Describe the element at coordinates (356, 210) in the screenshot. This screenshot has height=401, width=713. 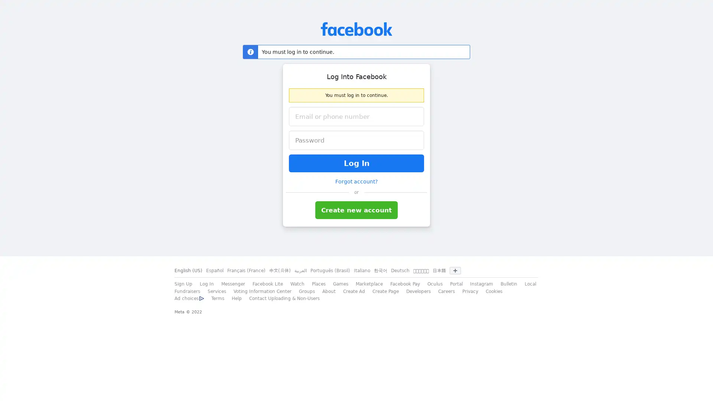
I see `Create new account` at that location.